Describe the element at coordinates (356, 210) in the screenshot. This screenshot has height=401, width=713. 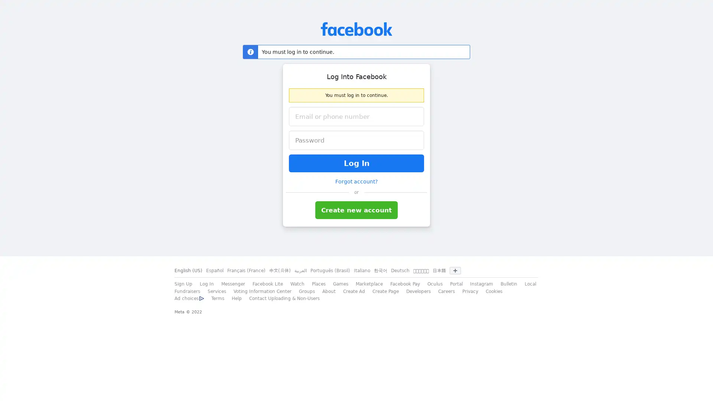
I see `Create new account` at that location.